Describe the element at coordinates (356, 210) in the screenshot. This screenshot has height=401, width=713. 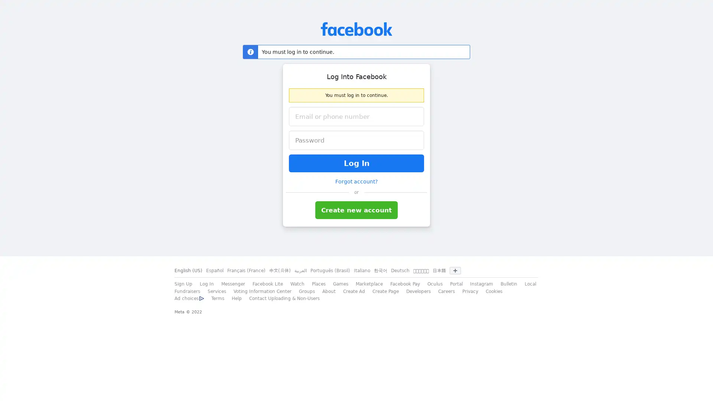
I see `Create new account` at that location.